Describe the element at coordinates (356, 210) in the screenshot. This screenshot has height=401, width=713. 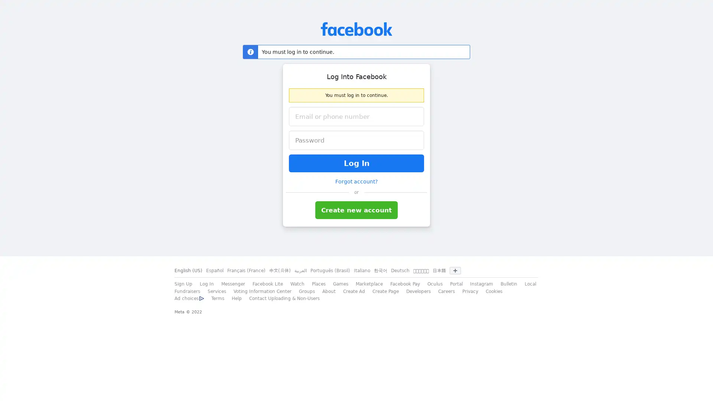
I see `Create new account` at that location.